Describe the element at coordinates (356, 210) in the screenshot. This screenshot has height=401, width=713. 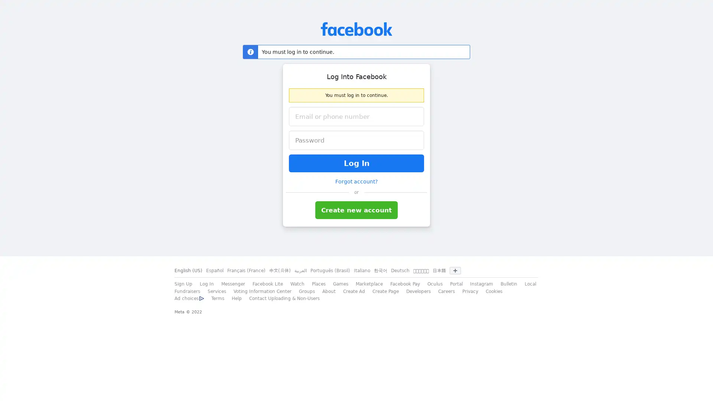
I see `Create new account` at that location.